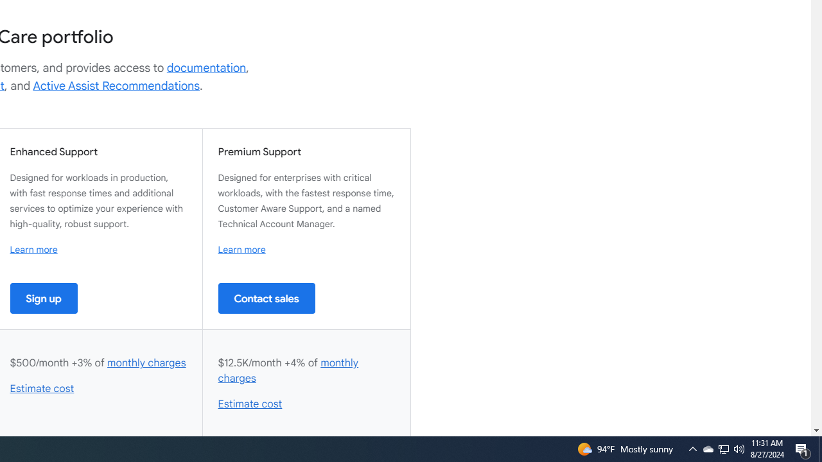 The height and width of the screenshot is (462, 822). I want to click on 'Active Assist Recommendations', so click(116, 85).